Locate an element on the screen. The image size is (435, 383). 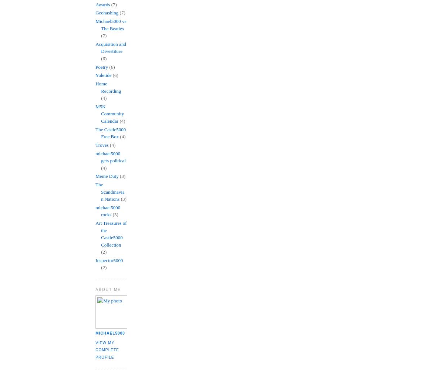
'Yuletide' is located at coordinates (103, 75).